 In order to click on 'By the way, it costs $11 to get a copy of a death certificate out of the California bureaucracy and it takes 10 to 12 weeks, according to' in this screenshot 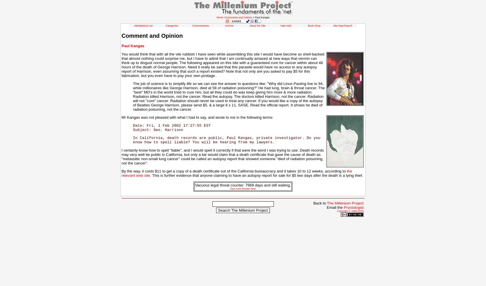, I will do `click(234, 171)`.